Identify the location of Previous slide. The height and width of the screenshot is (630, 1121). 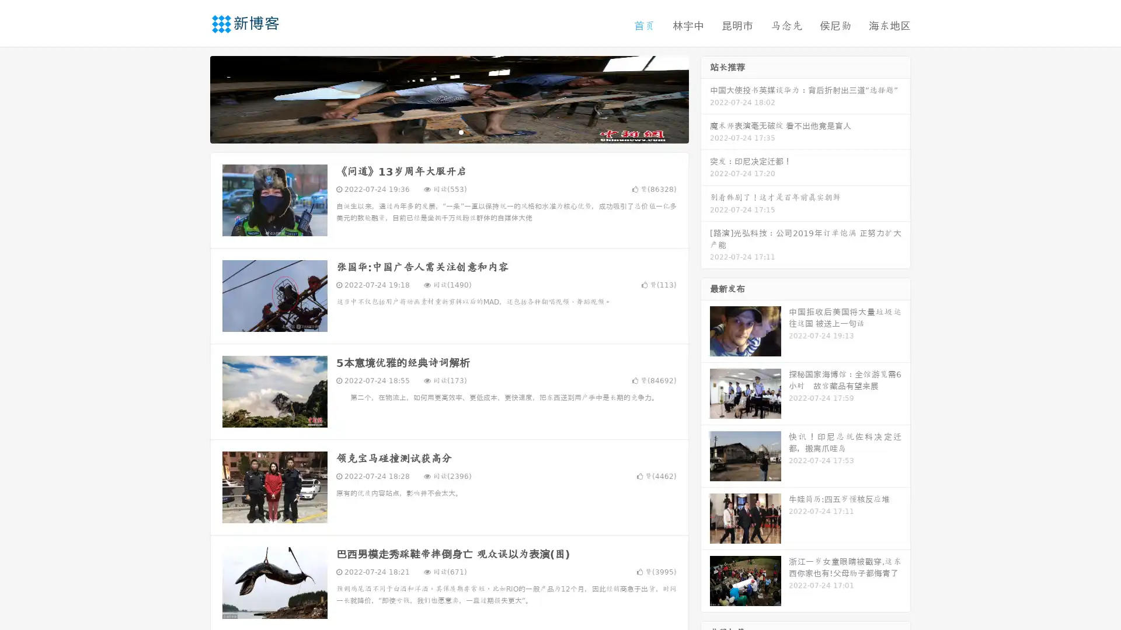
(193, 98).